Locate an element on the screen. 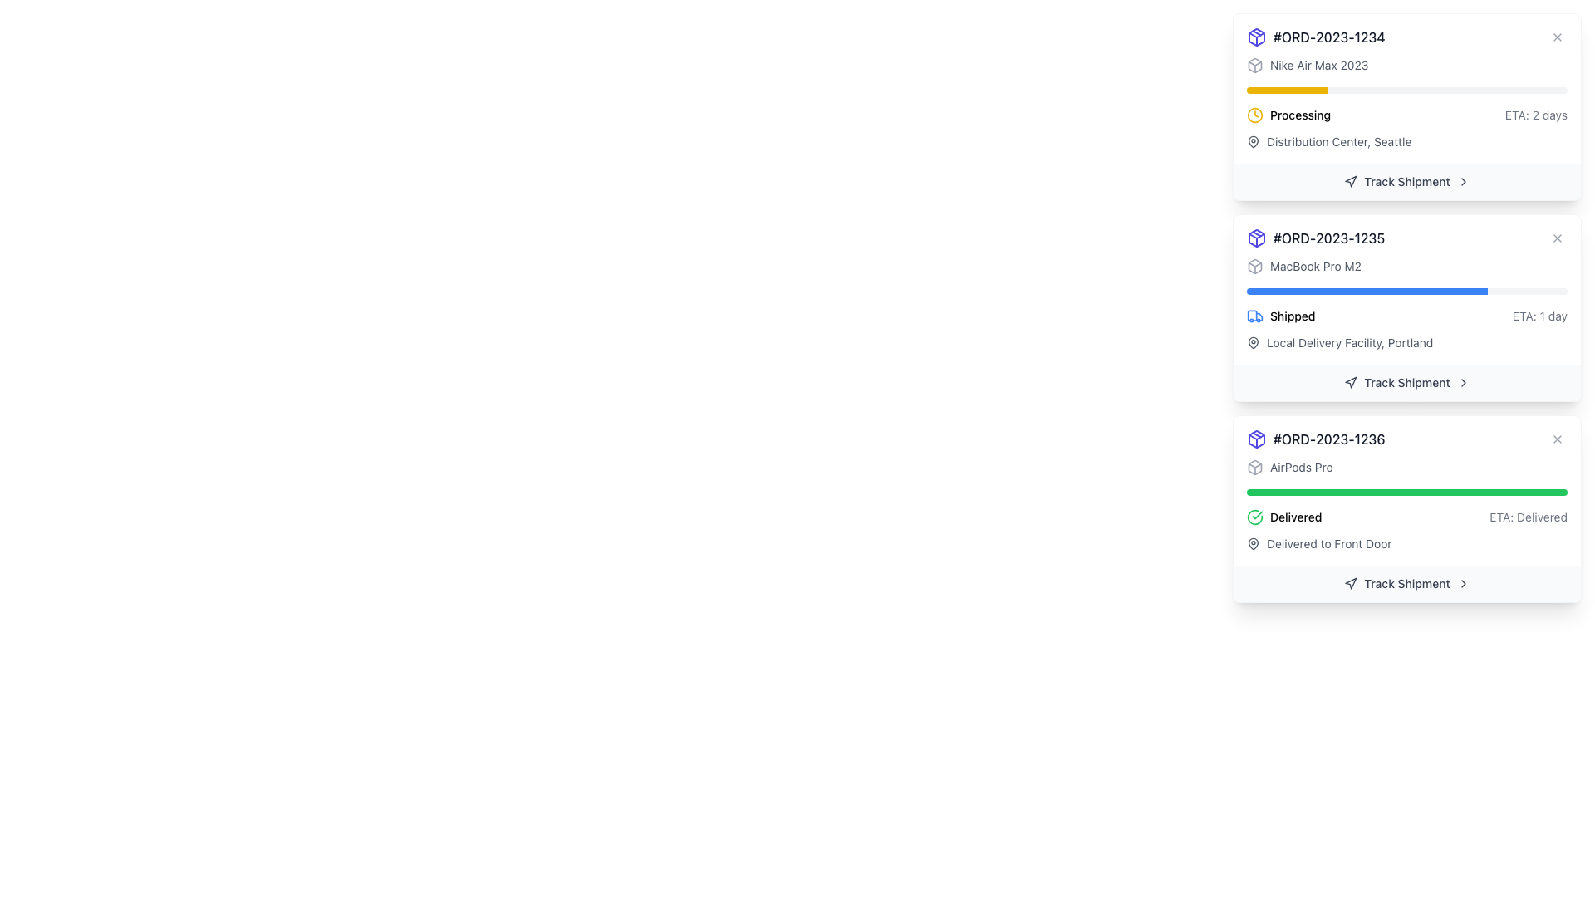 Image resolution: width=1595 pixels, height=897 pixels. the tracking icon within the 'Track Shipment' button to include it in the button interaction is located at coordinates (1351, 582).